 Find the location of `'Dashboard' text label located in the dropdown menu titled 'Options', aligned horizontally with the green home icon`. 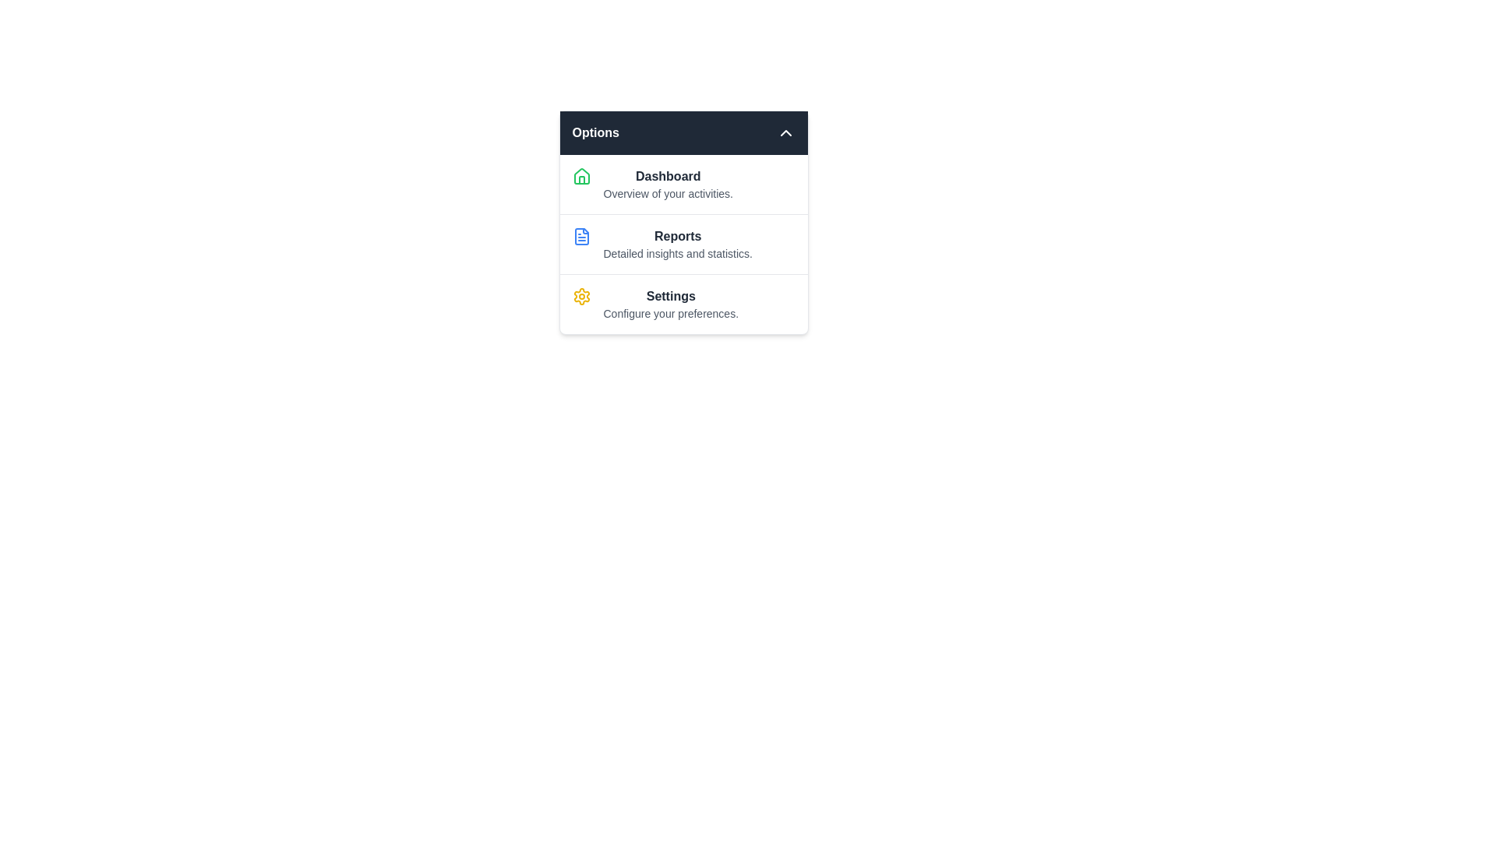

'Dashboard' text label located in the dropdown menu titled 'Options', aligned horizontally with the green home icon is located at coordinates (668, 176).